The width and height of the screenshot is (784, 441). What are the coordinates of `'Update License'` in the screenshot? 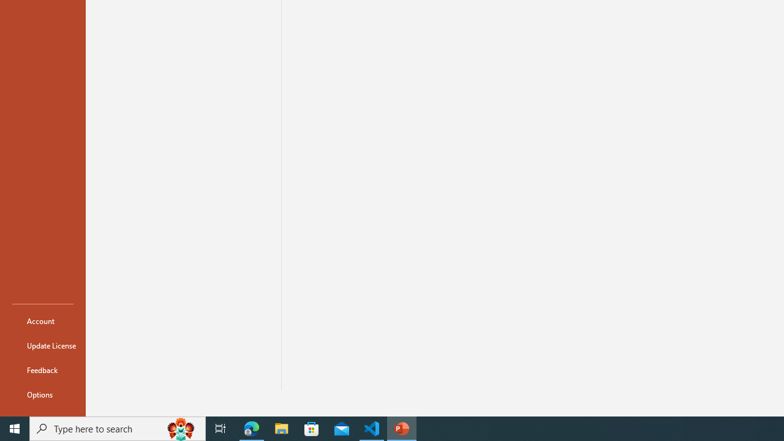 It's located at (42, 345).